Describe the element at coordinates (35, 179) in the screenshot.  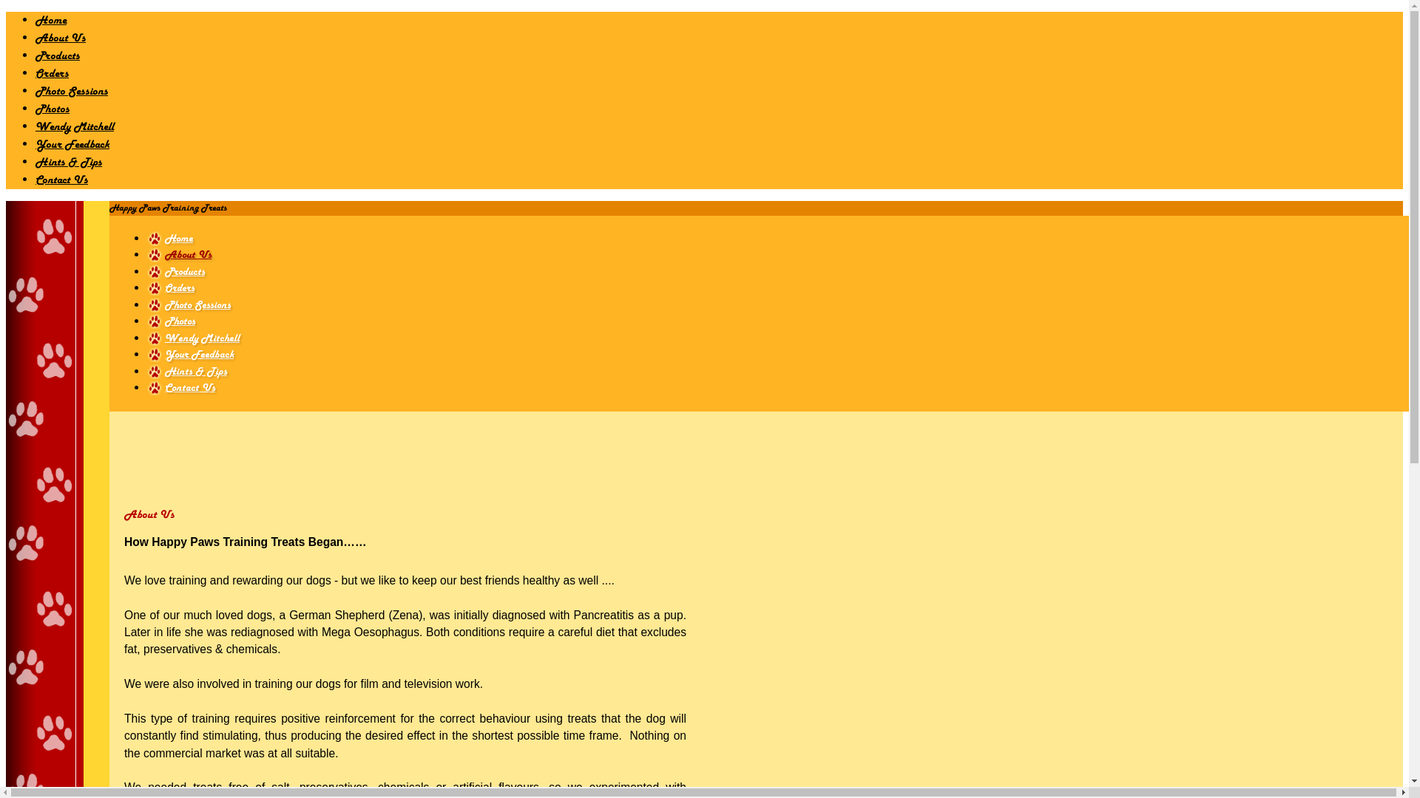
I see `'Contact Us'` at that location.